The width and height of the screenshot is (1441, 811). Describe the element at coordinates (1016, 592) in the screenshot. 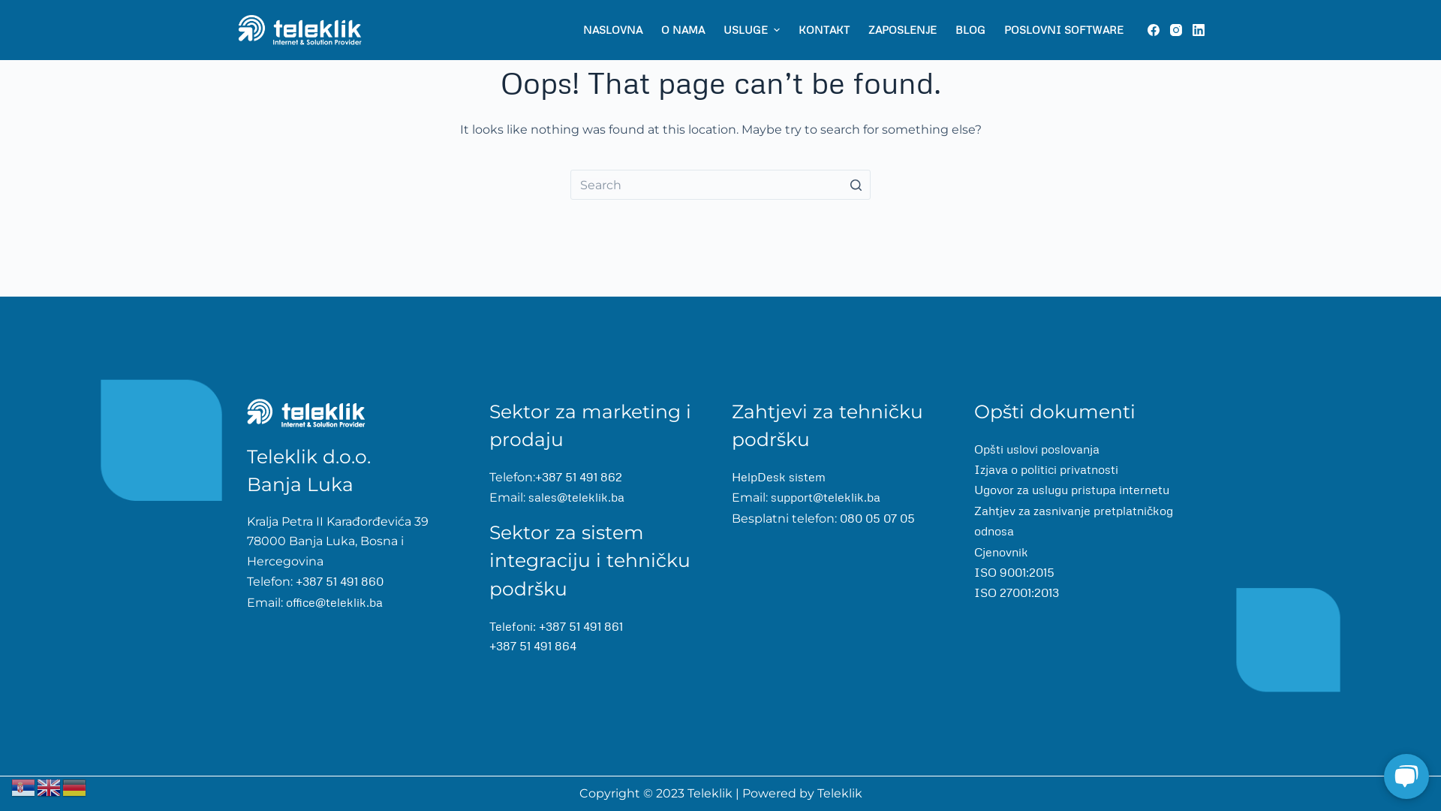

I see `'ISO 27001:2013'` at that location.